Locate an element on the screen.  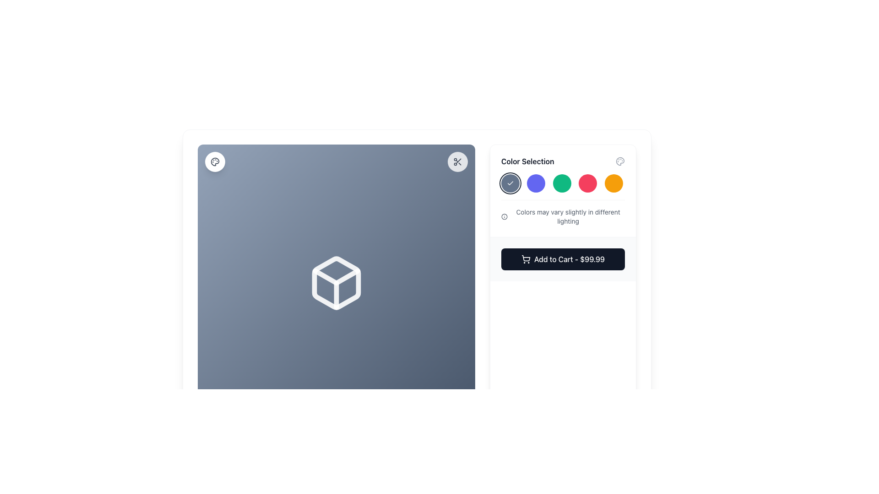
the circular outline element that is the outermost part of the 'info' icon located in the top-right section of the main panel is located at coordinates (504, 217).